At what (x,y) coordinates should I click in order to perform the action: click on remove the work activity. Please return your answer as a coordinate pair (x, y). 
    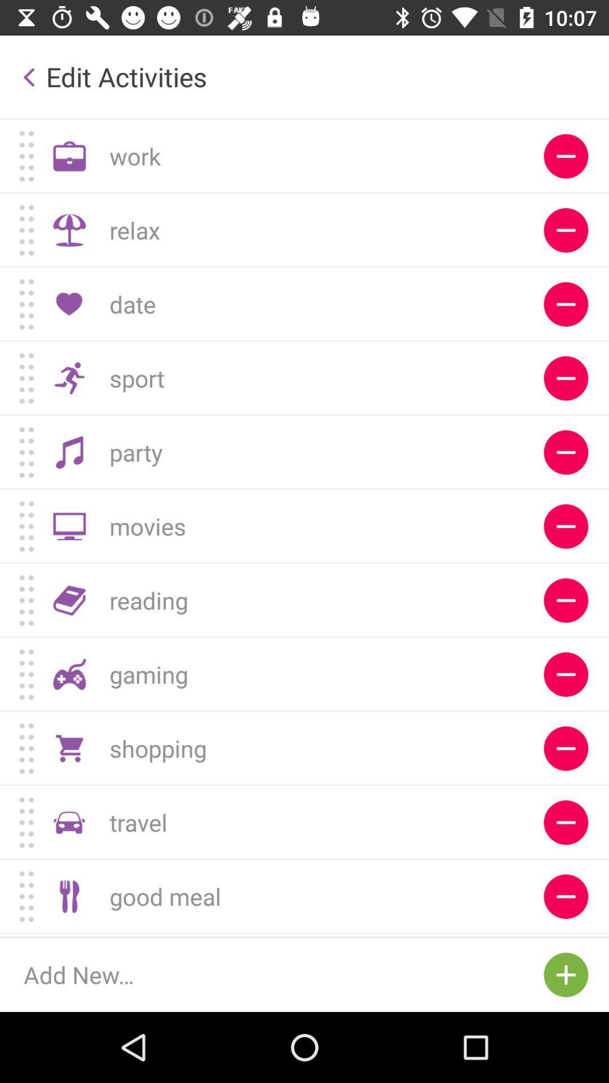
    Looking at the image, I should click on (566, 156).